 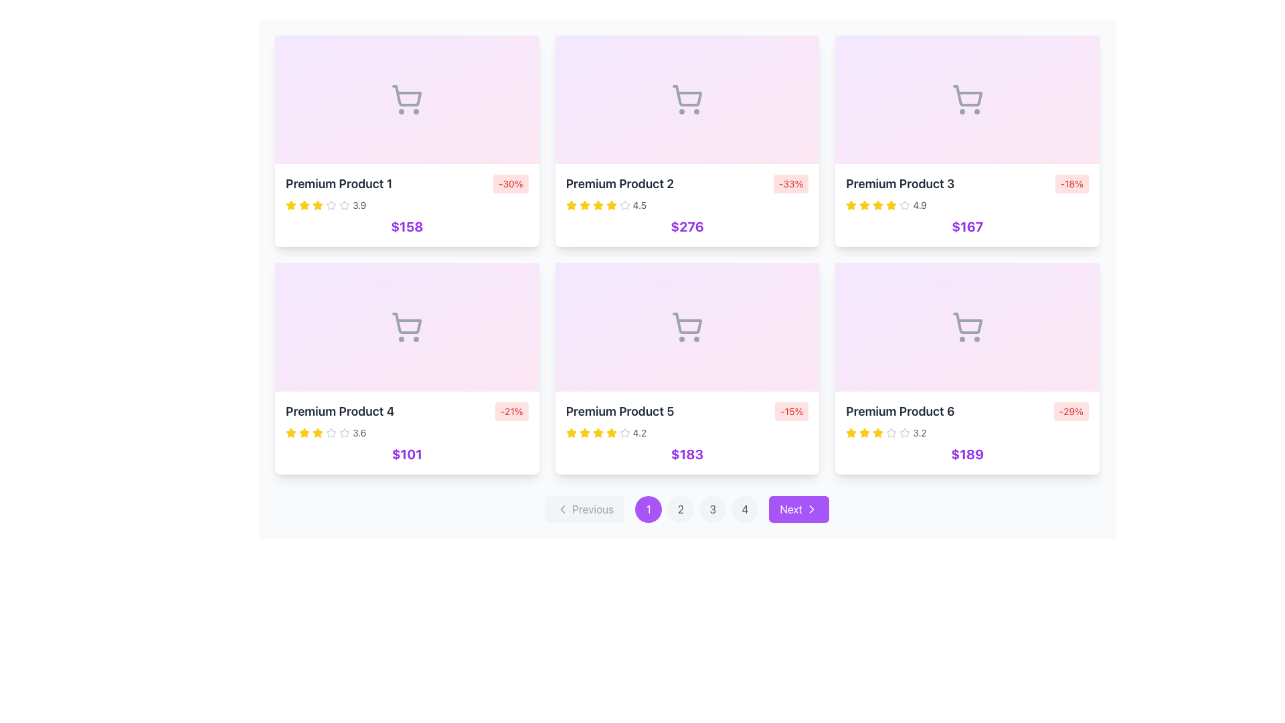 I want to click on the fourth star icon for rating purposes, which is visually represented with a sharp outline and hollow center, to trigger the tooltip or effect, so click(x=344, y=432).